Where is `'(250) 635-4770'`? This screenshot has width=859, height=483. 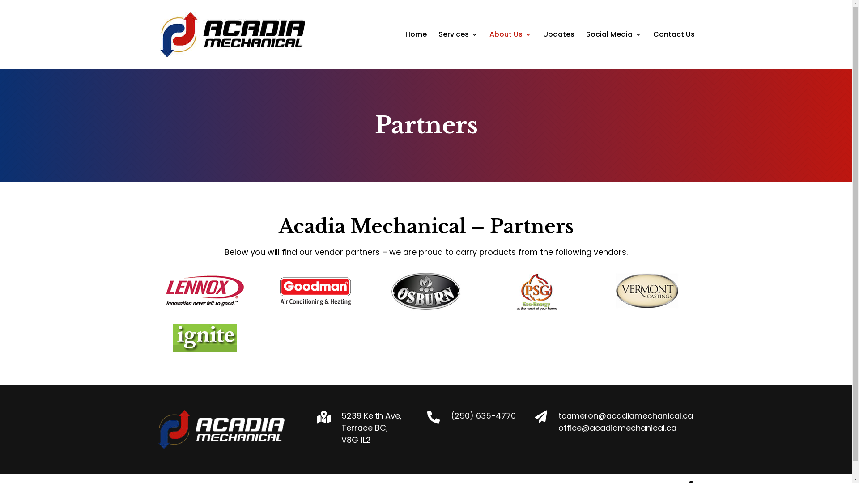 '(250) 635-4770' is located at coordinates (483, 415).